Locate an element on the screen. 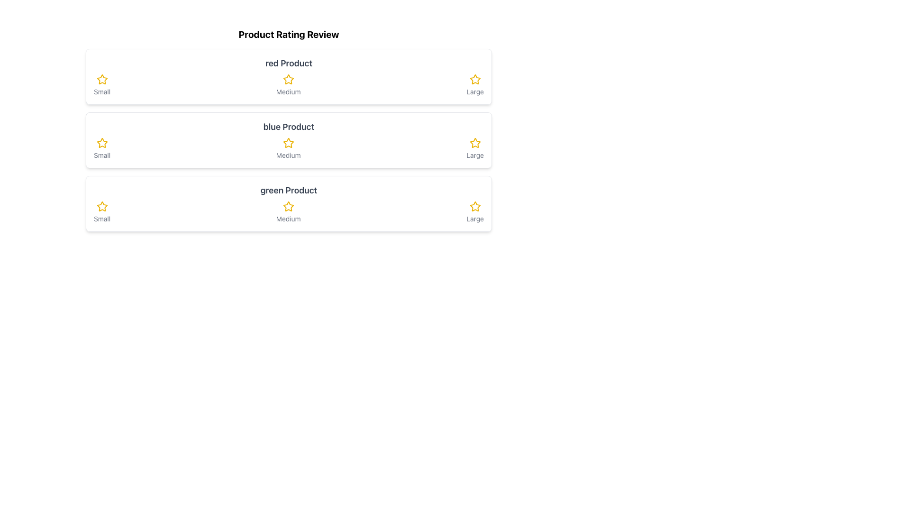 The width and height of the screenshot is (910, 512). the star icon for rating the 'Large' size option in the 'green Product' row, located at the bottom-most card of the stacked list is located at coordinates (475, 206).